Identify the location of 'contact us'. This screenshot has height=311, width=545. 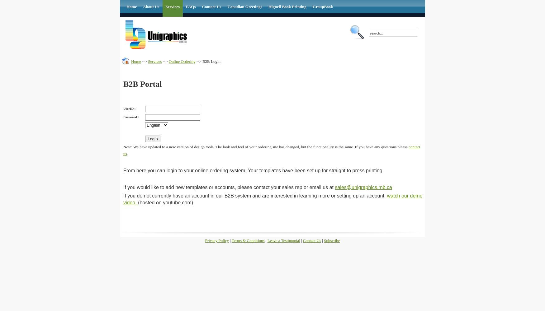
(272, 150).